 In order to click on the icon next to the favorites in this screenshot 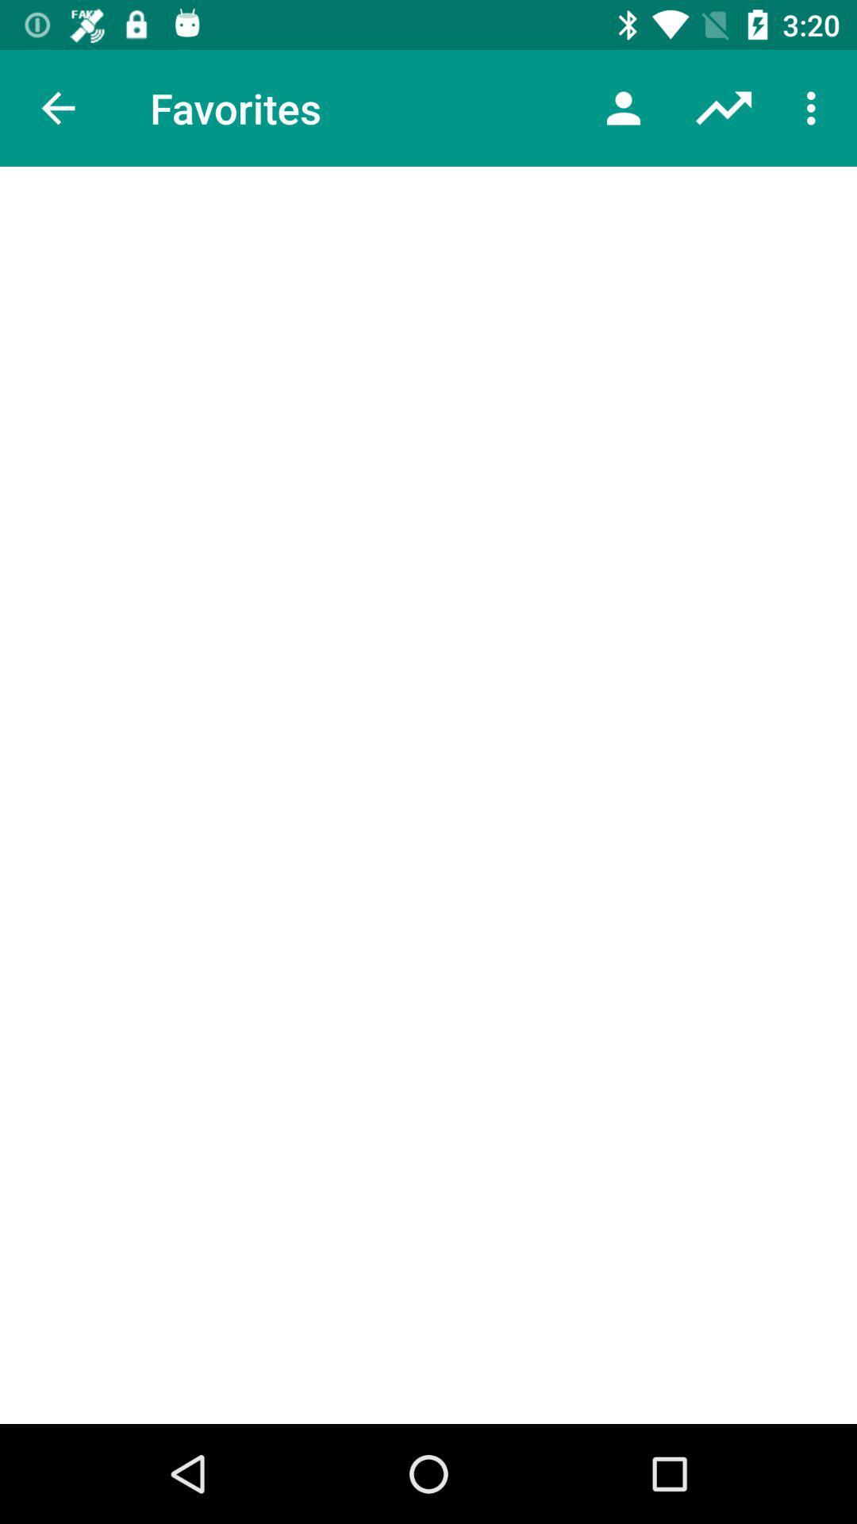, I will do `click(623, 107)`.